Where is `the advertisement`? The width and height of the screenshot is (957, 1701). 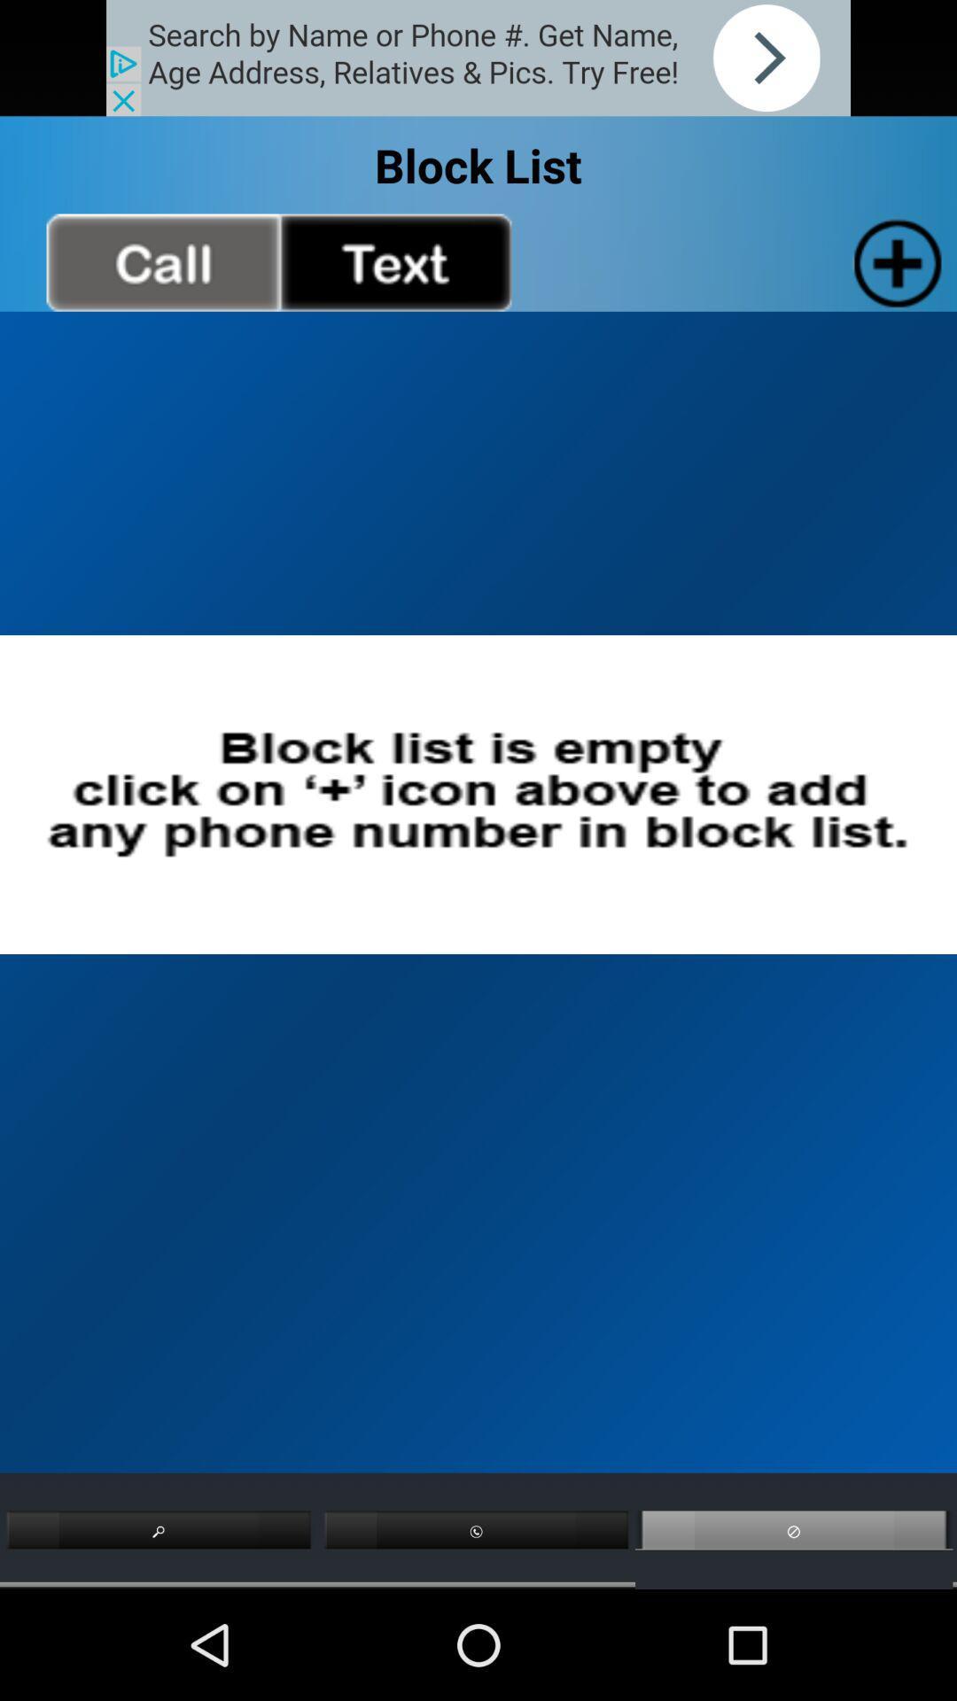 the advertisement is located at coordinates (478, 58).